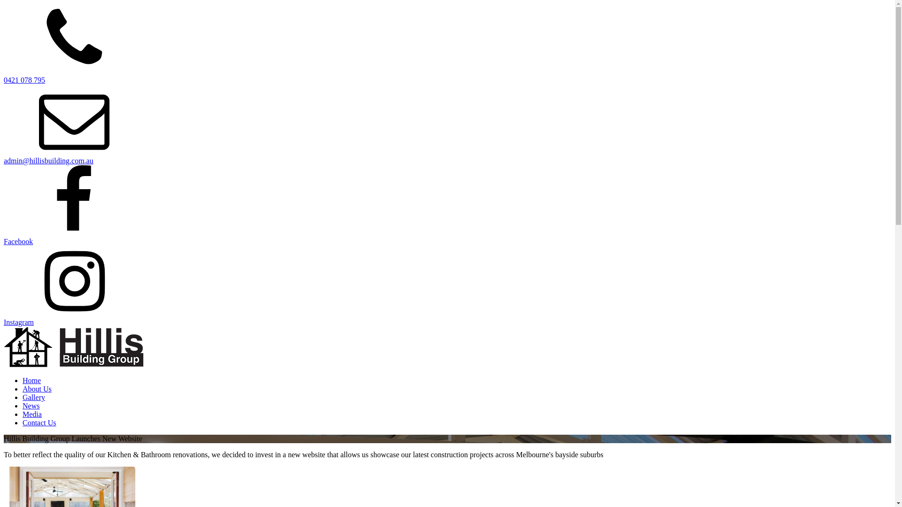 Image resolution: width=902 pixels, height=507 pixels. I want to click on 'Contact Us', so click(23, 422).